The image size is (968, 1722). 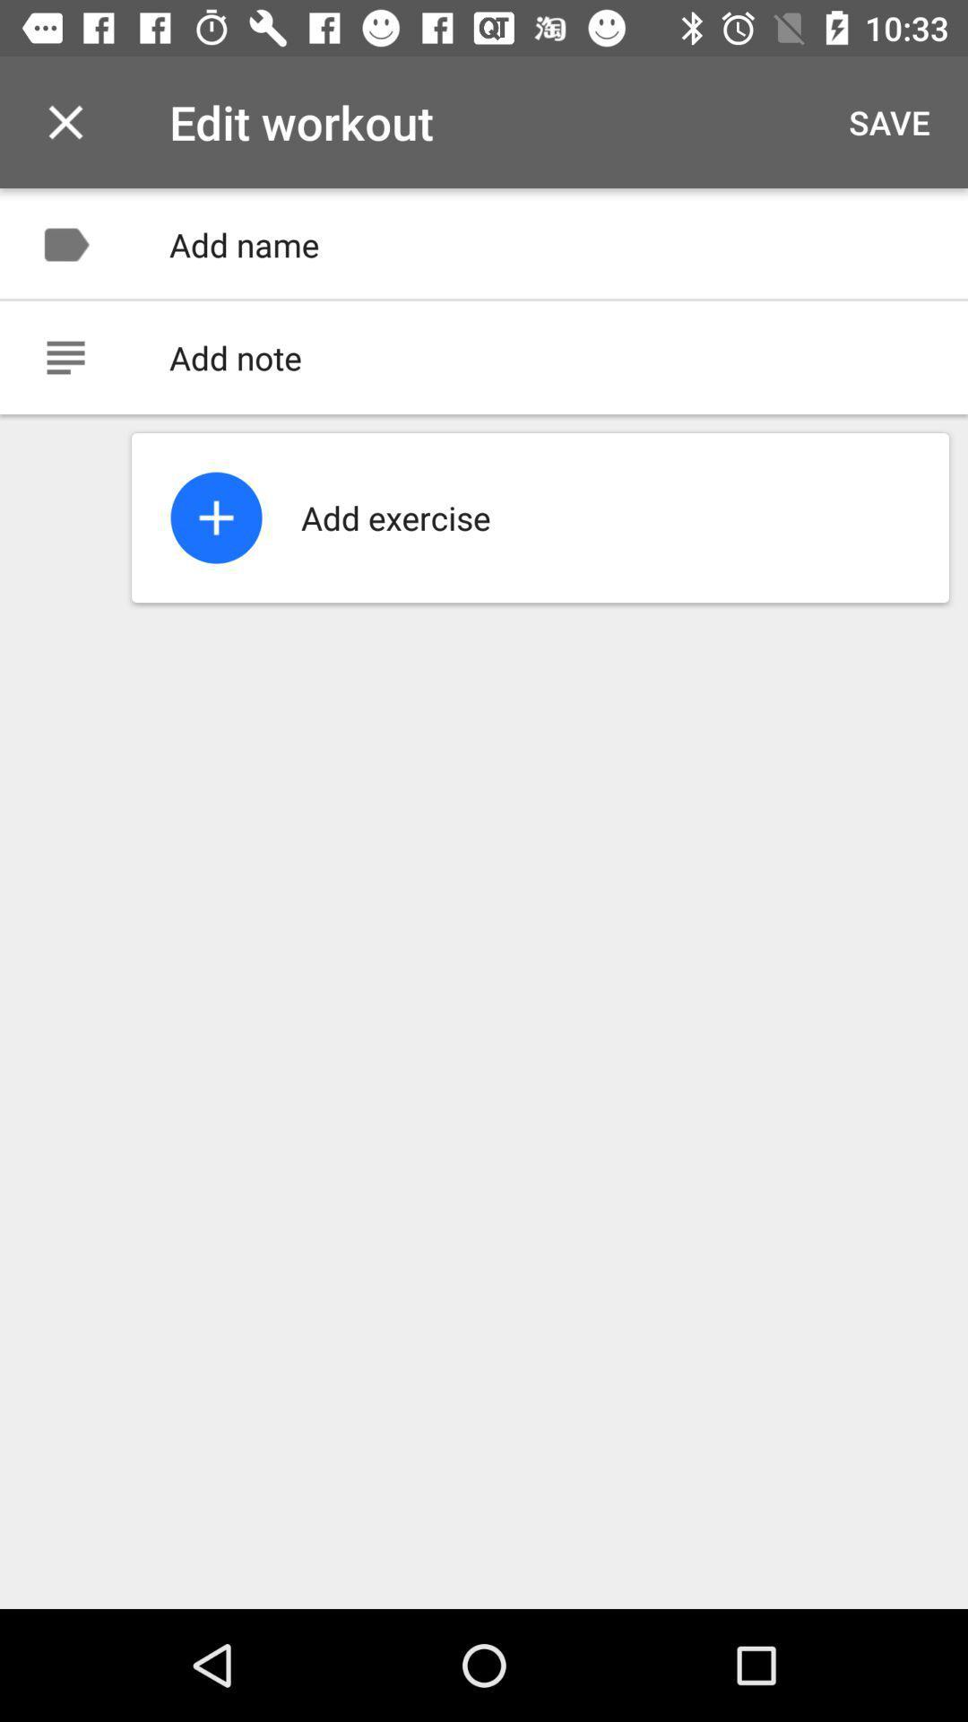 What do you see at coordinates (889, 121) in the screenshot?
I see `the item at the top right corner` at bounding box center [889, 121].